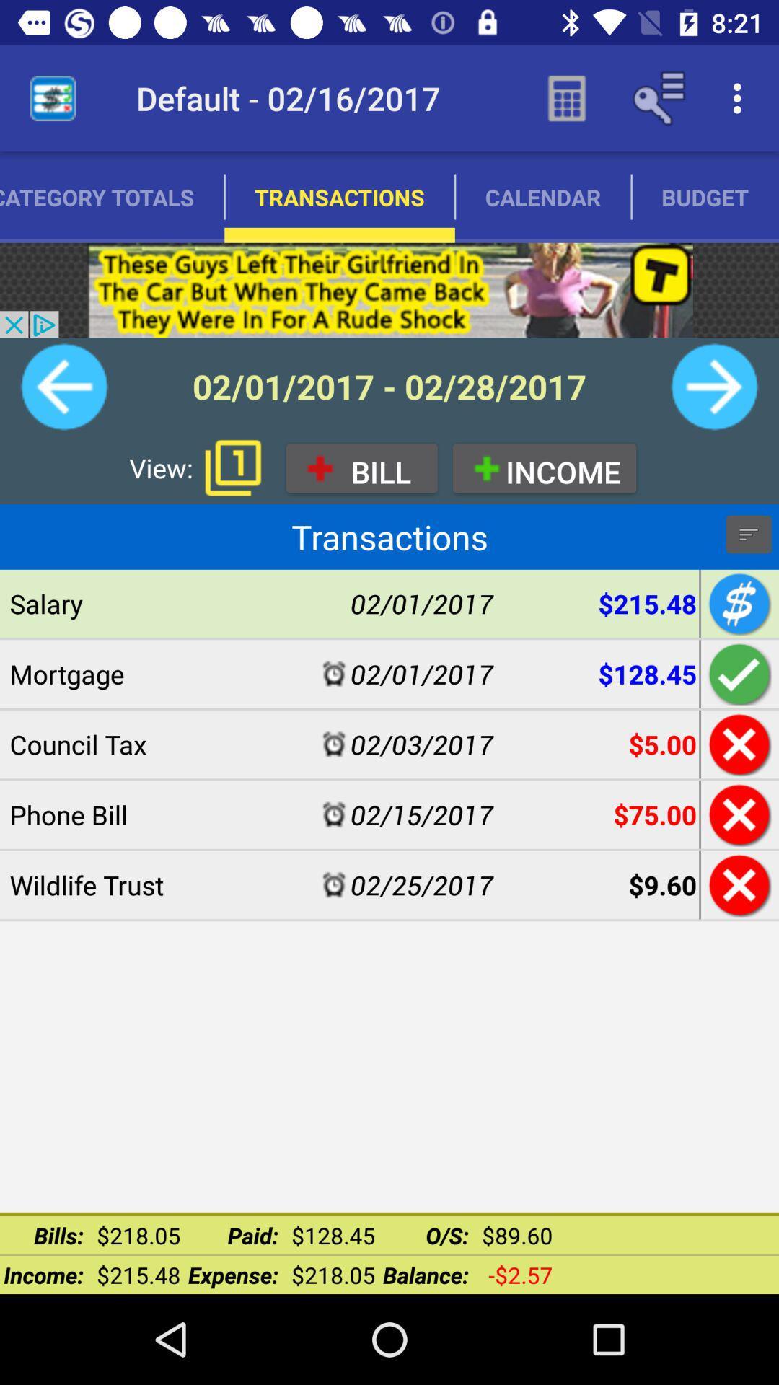 The height and width of the screenshot is (1385, 779). What do you see at coordinates (737, 814) in the screenshot?
I see `cancel` at bounding box center [737, 814].